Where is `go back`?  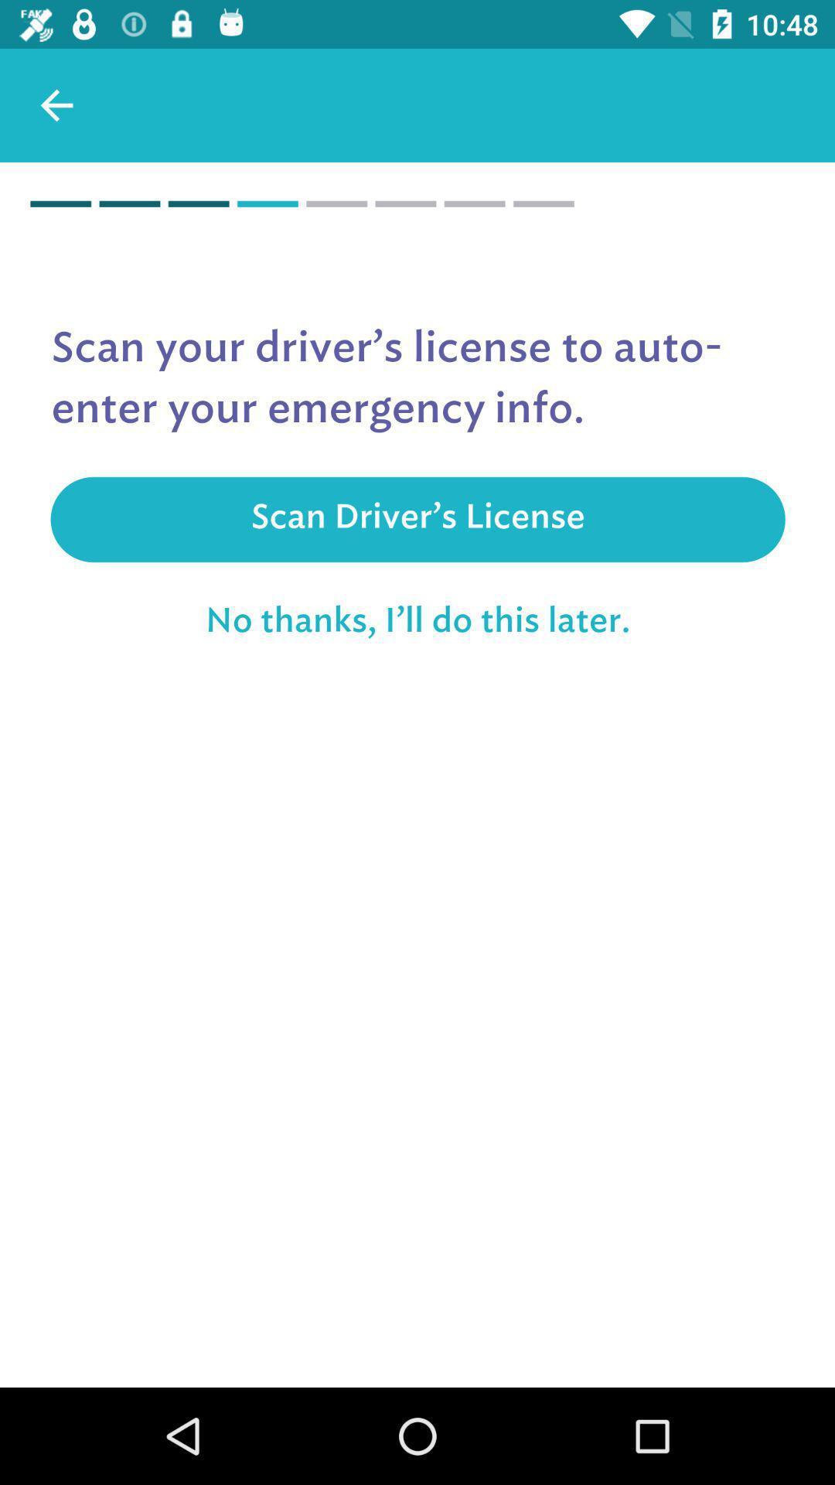 go back is located at coordinates (56, 104).